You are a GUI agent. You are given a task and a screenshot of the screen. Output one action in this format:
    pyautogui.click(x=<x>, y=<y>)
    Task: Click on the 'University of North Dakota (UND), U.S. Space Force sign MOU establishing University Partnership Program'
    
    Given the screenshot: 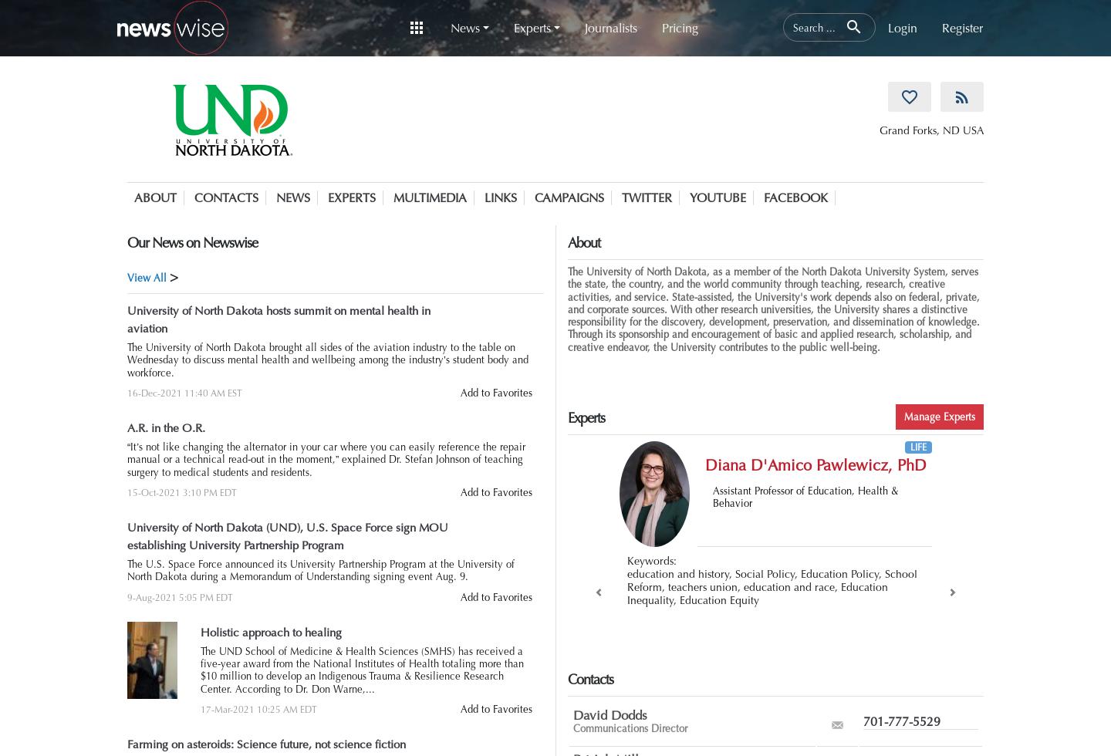 What is the action you would take?
    pyautogui.click(x=286, y=536)
    